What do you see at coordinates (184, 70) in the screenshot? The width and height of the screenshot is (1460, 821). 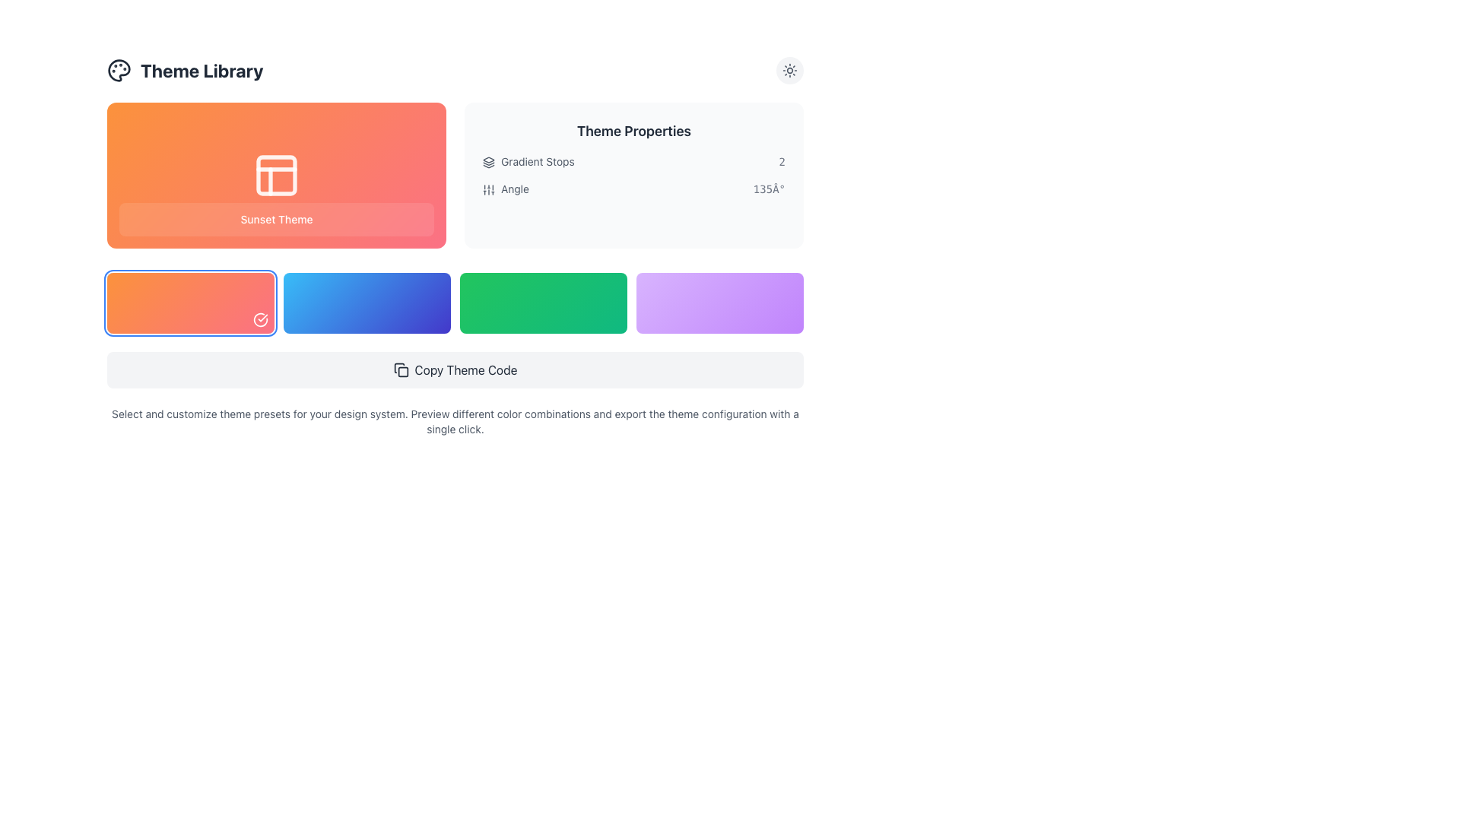 I see `the icon in the 'Theme Library' header, which features a palette icon and a bold gray text label` at bounding box center [184, 70].